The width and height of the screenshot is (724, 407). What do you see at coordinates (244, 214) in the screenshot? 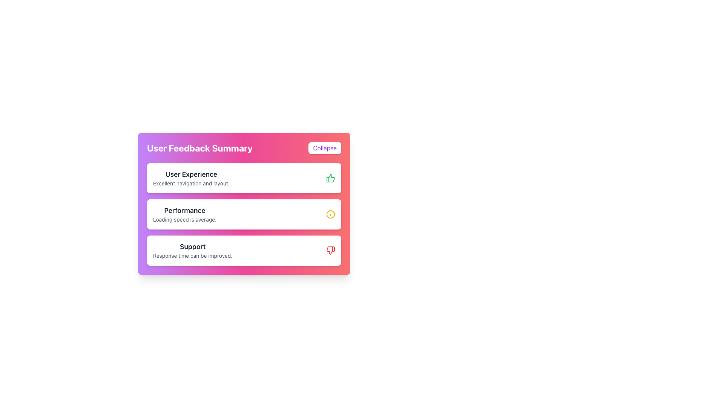
I see `details of the performance feedback displayed in the Feedback section card located between the 'User Experience' and 'Support' sections` at bounding box center [244, 214].